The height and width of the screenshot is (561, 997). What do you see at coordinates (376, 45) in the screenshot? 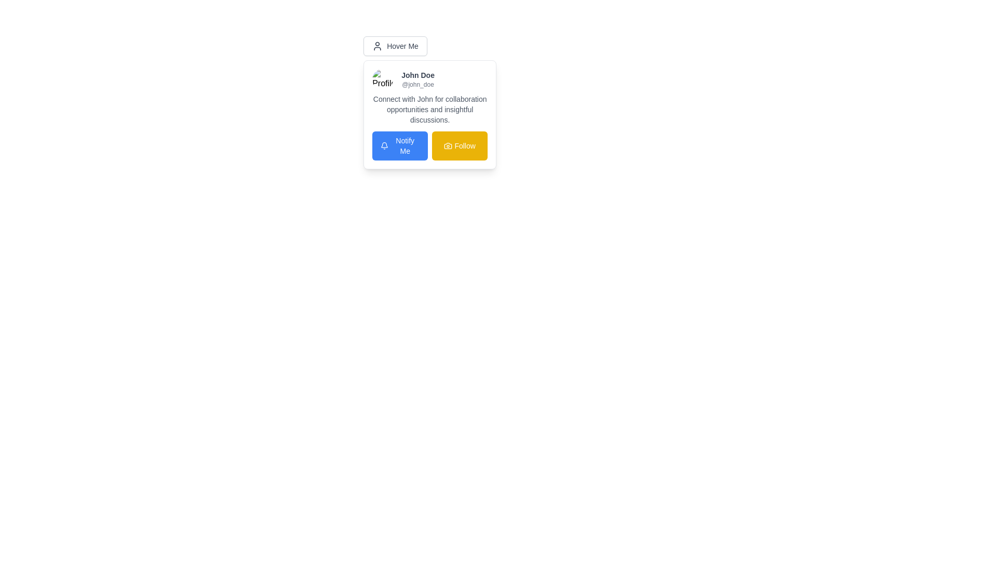
I see `the user profile icon located on the left side of the 'Hover Me' button` at bounding box center [376, 45].